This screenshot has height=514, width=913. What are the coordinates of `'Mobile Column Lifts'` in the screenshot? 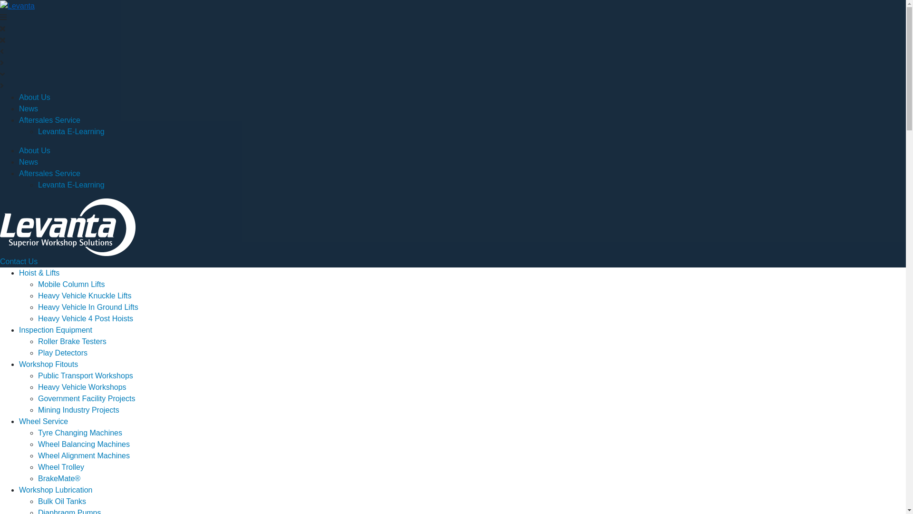 It's located at (38, 284).